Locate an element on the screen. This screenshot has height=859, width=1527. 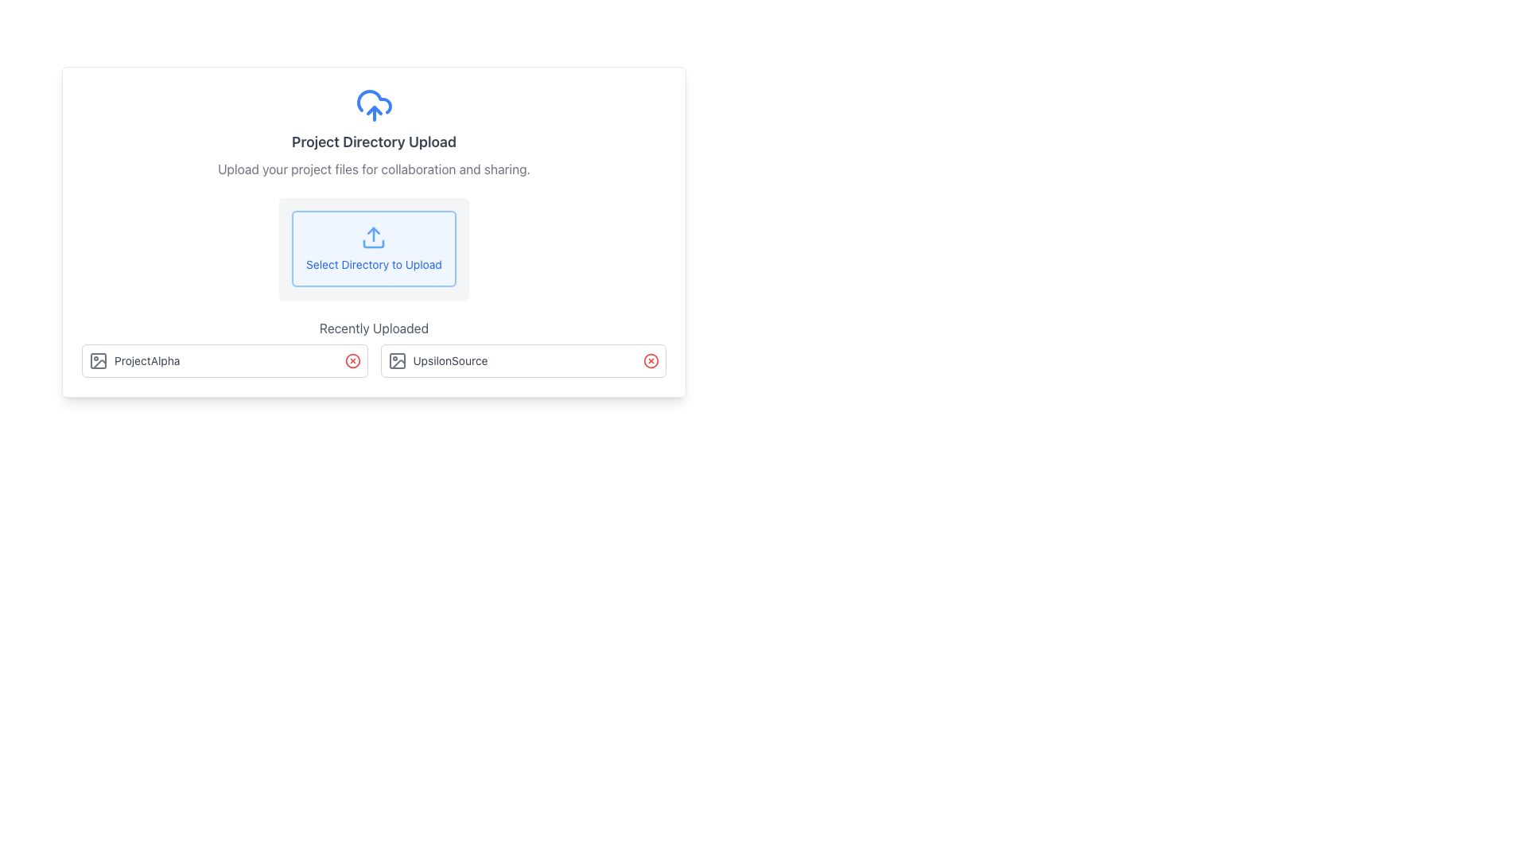
the delete button located at the far right of the 'UpsilonSource' list item is located at coordinates (651, 361).